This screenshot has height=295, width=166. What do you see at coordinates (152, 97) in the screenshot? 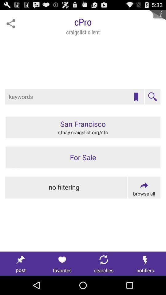
I see `search` at bounding box center [152, 97].